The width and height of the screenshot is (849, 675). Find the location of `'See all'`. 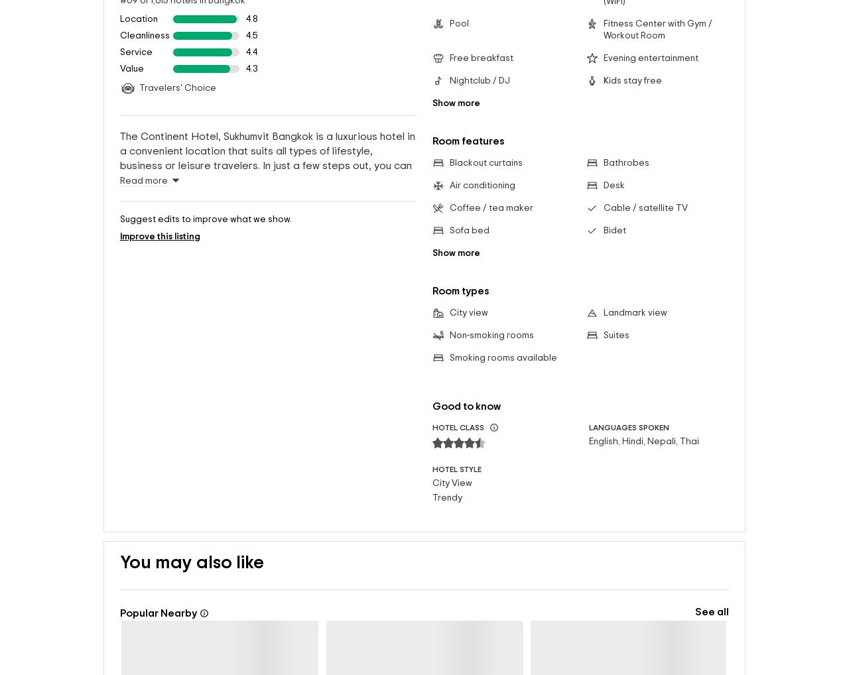

'See all' is located at coordinates (694, 590).